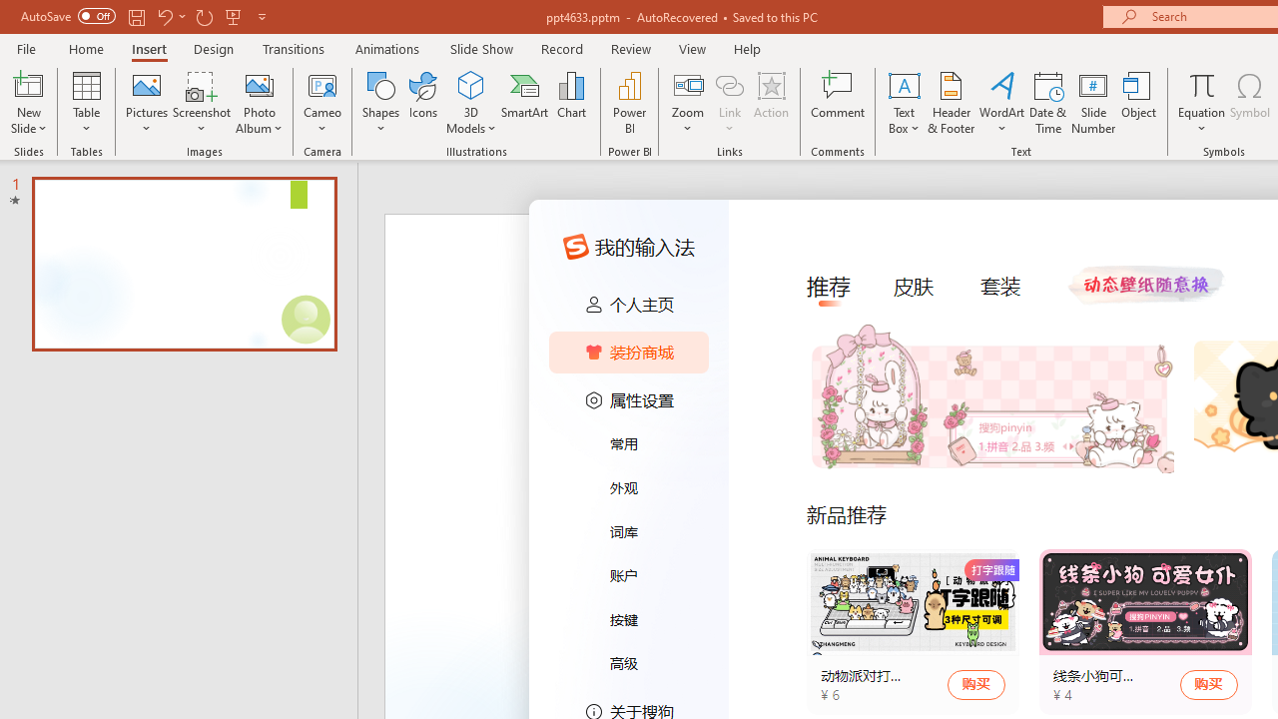 This screenshot has height=719, width=1278. Describe the element at coordinates (1139, 103) in the screenshot. I see `'Object...'` at that location.